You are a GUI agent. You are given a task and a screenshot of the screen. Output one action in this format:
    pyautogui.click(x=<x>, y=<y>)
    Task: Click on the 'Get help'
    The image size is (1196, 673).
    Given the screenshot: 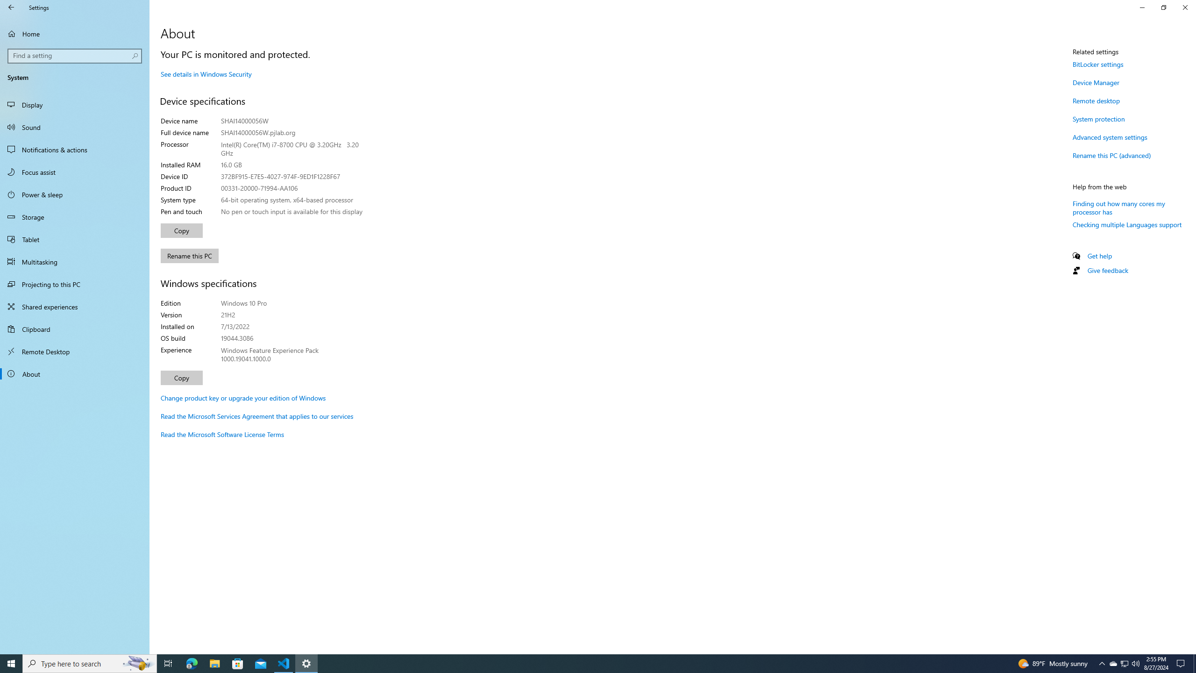 What is the action you would take?
    pyautogui.click(x=1099, y=256)
    